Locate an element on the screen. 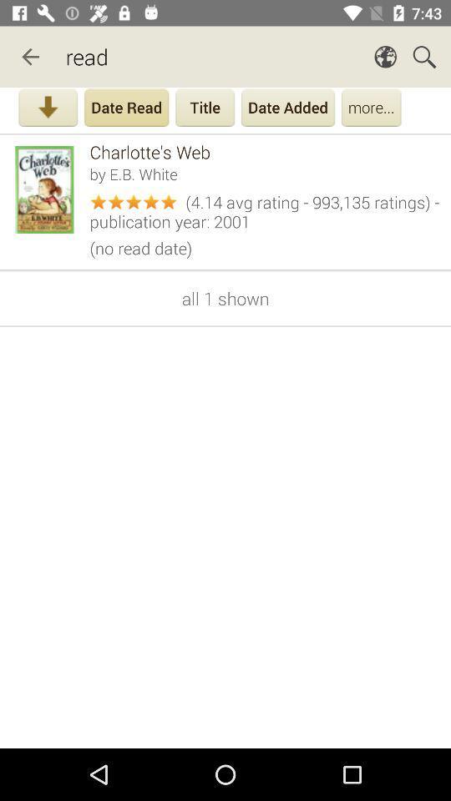 The image size is (451, 801). the item below charlotte's web is located at coordinates (265, 174).